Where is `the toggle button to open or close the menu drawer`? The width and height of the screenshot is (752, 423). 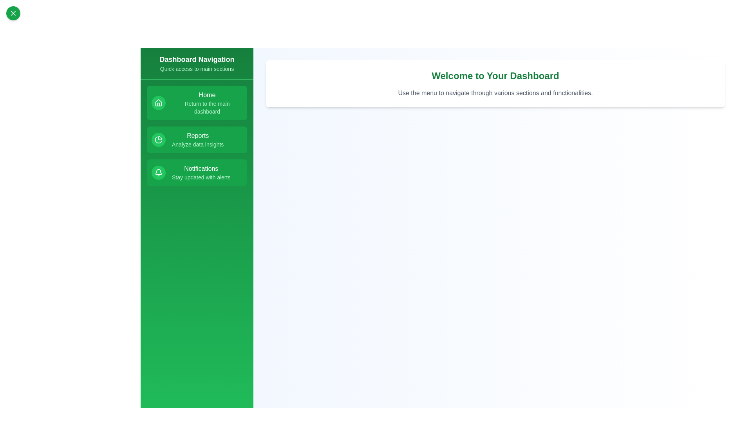 the toggle button to open or close the menu drawer is located at coordinates (13, 13).